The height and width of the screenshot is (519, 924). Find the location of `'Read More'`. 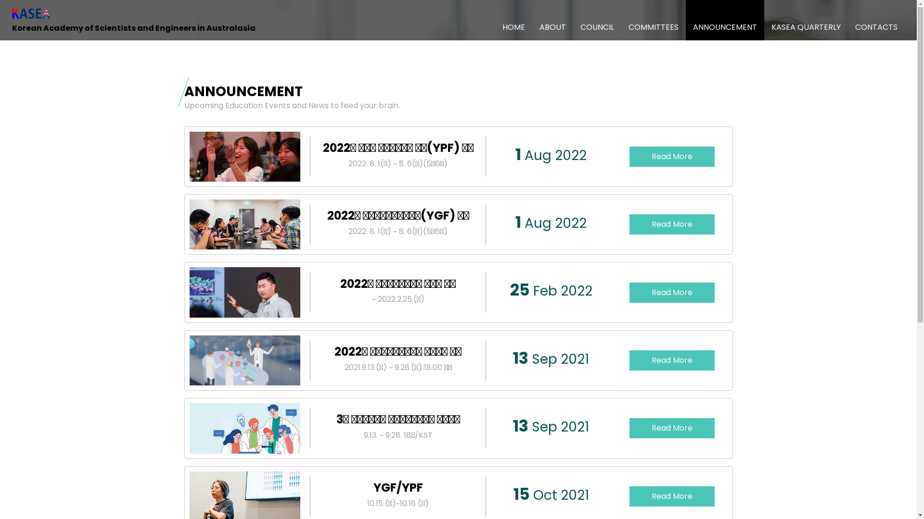

'Read More' is located at coordinates (671, 360).